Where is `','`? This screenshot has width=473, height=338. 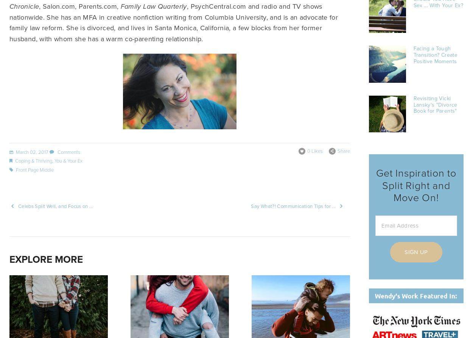 ',' is located at coordinates (53, 160).